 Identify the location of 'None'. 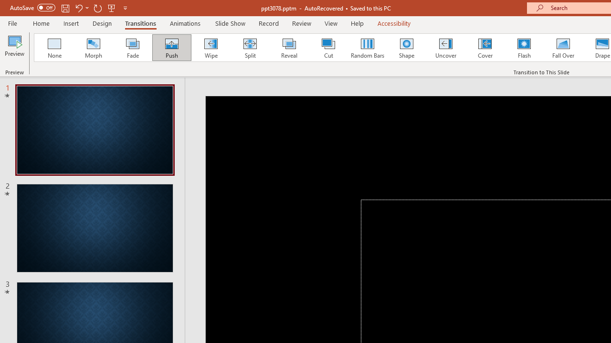
(53, 48).